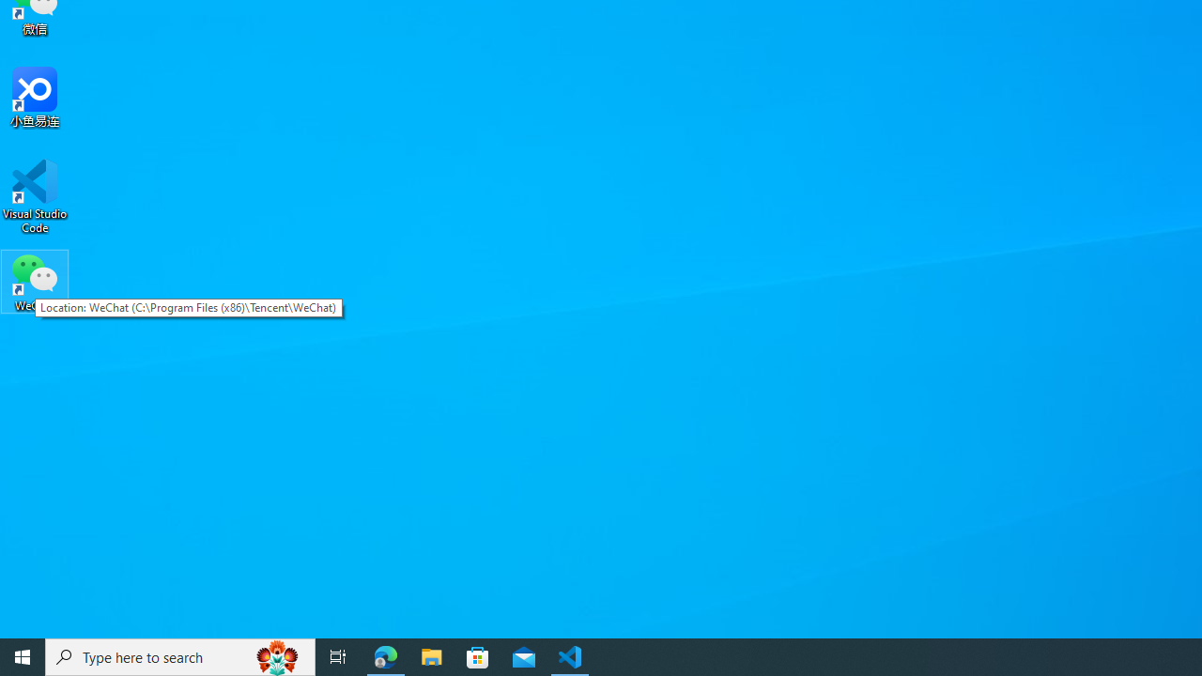  I want to click on 'Visual Studio Code', so click(35, 196).